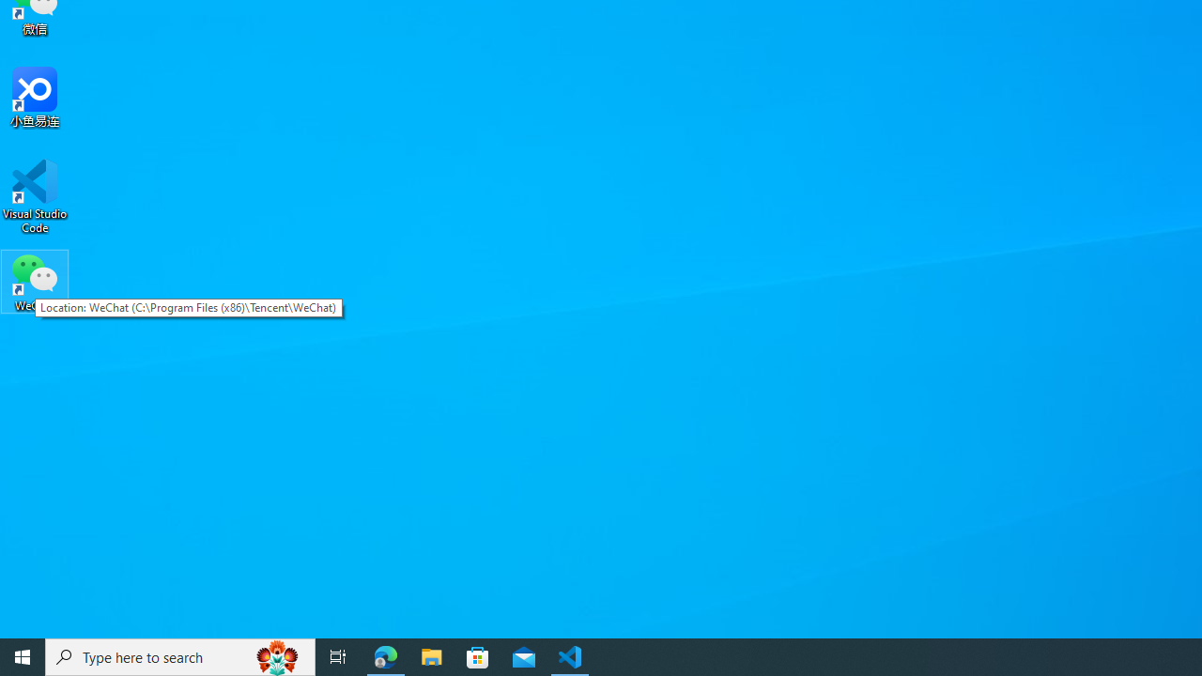  I want to click on 'Visual Studio Code', so click(35, 196).